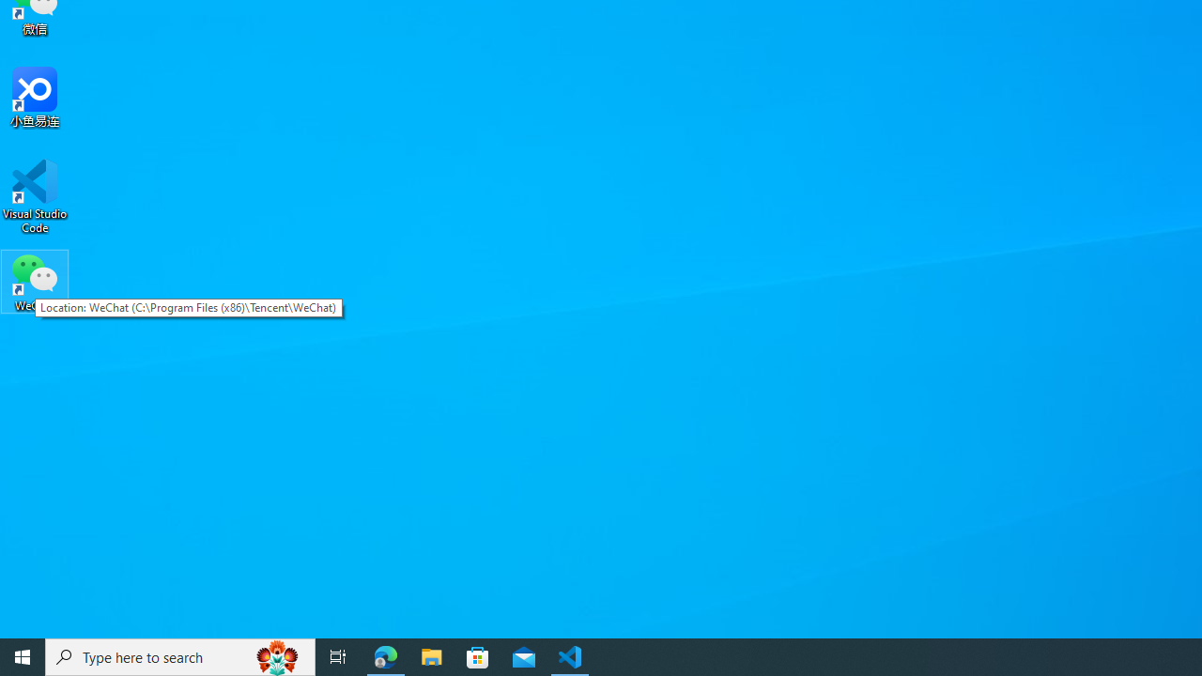  I want to click on 'Visual Studio Code', so click(35, 196).